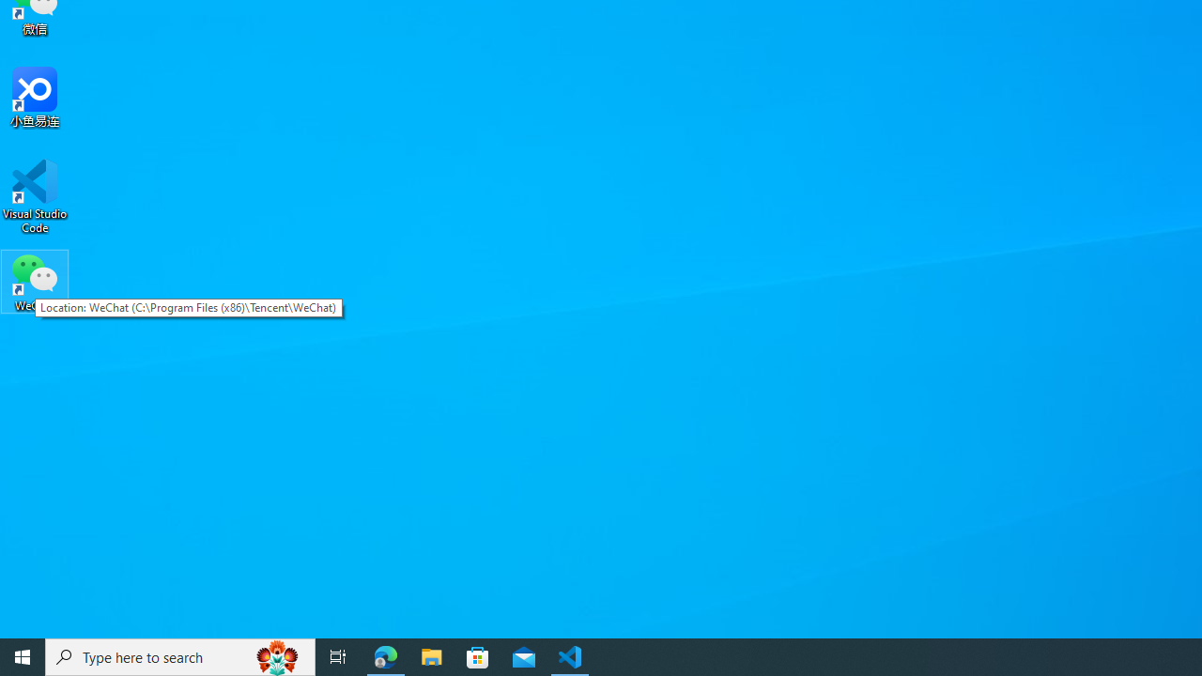  I want to click on 'Visual Studio Code', so click(35, 196).